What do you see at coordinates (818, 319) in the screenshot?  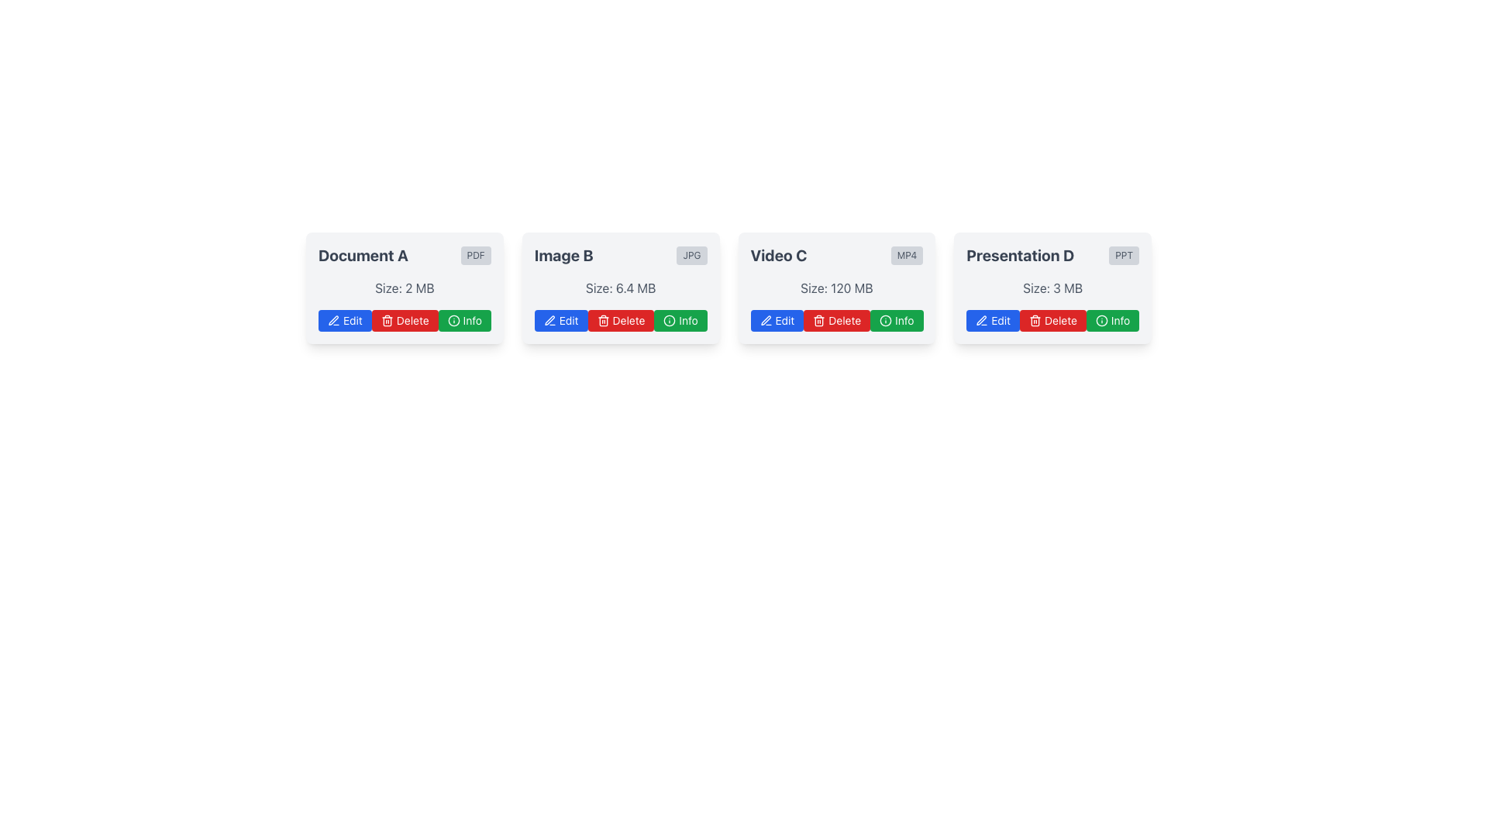 I see `the trash can icon located on the leftmost side of the 'Delete' button, which is the second button in a row of three ('Edit', 'Delete', 'Info') at the bottom of a card` at bounding box center [818, 319].